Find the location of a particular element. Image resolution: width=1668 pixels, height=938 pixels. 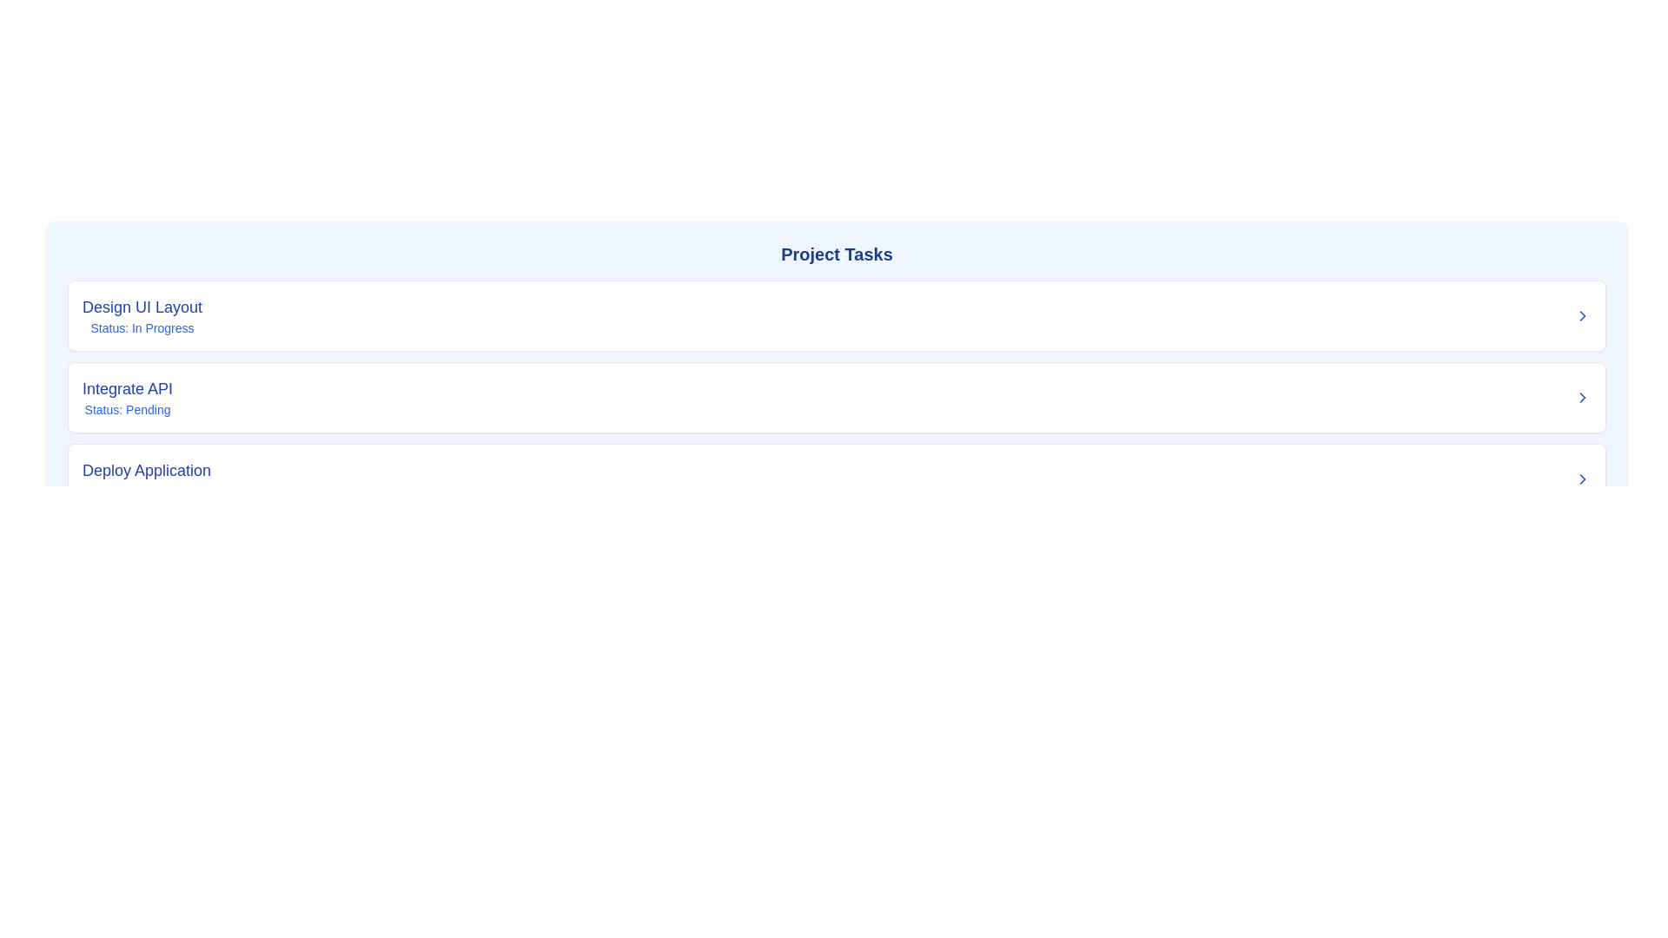

text displayed in the Text label showing the task name 'Deploy Application' and its completion status 'Completed', located in the third row of project tasks is located at coordinates (146, 479).